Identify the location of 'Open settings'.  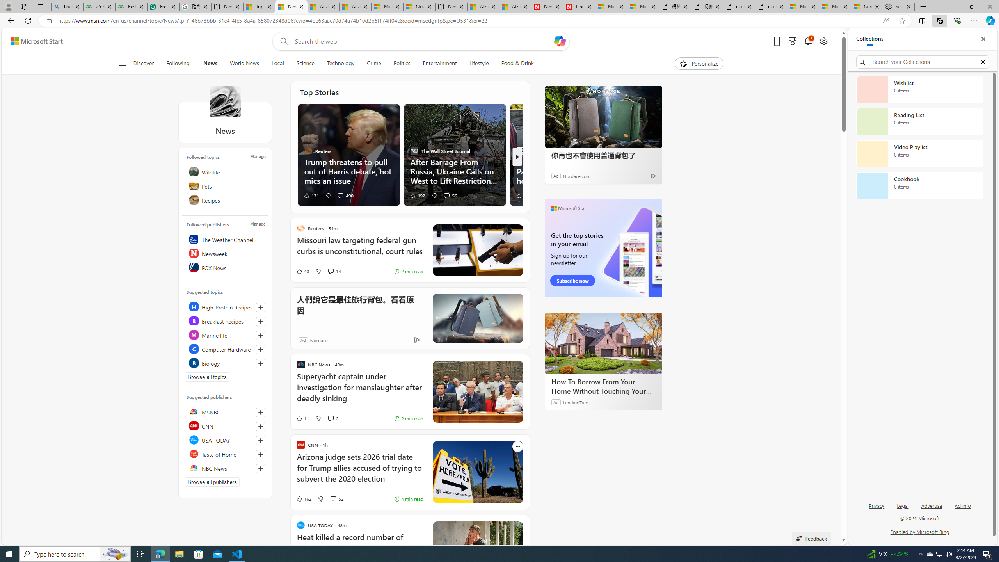
(823, 41).